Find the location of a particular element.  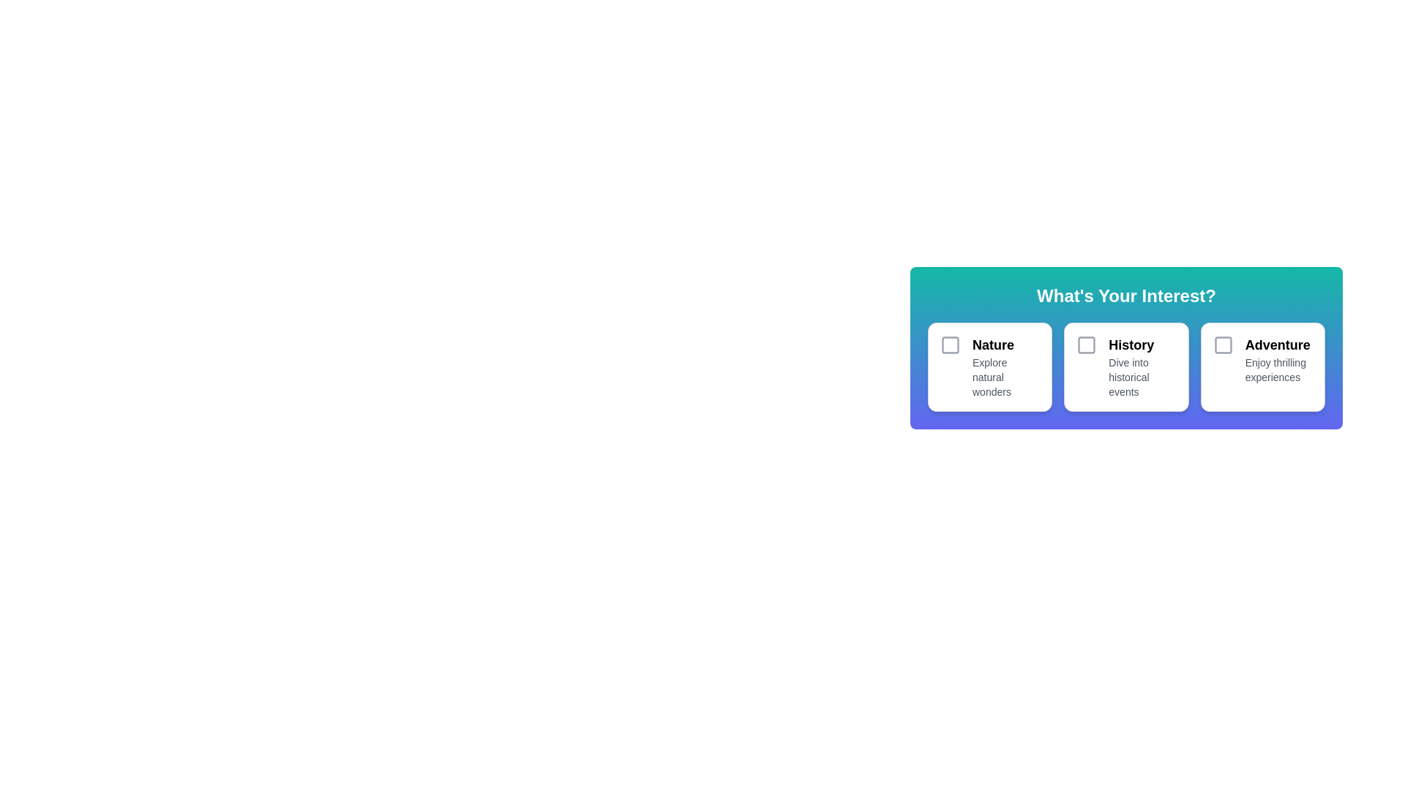

the checkbox for the 'Adventure' category is located at coordinates (1223, 345).